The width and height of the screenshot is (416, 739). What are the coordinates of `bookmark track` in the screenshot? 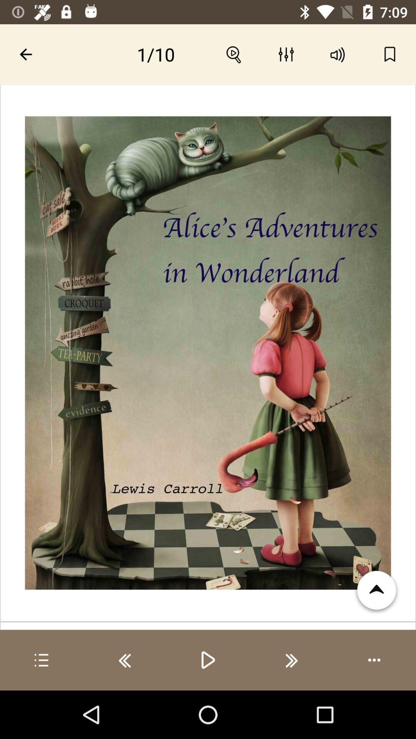 It's located at (390, 54).